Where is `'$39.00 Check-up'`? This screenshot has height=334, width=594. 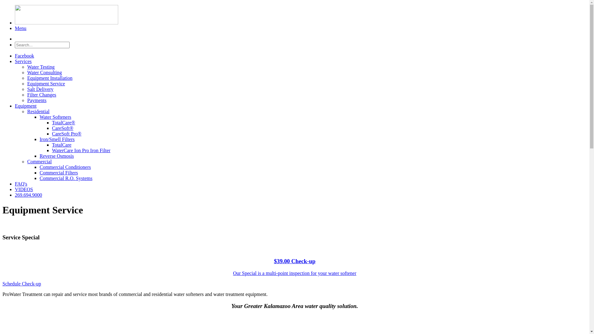
'$39.00 Check-up' is located at coordinates (294, 261).